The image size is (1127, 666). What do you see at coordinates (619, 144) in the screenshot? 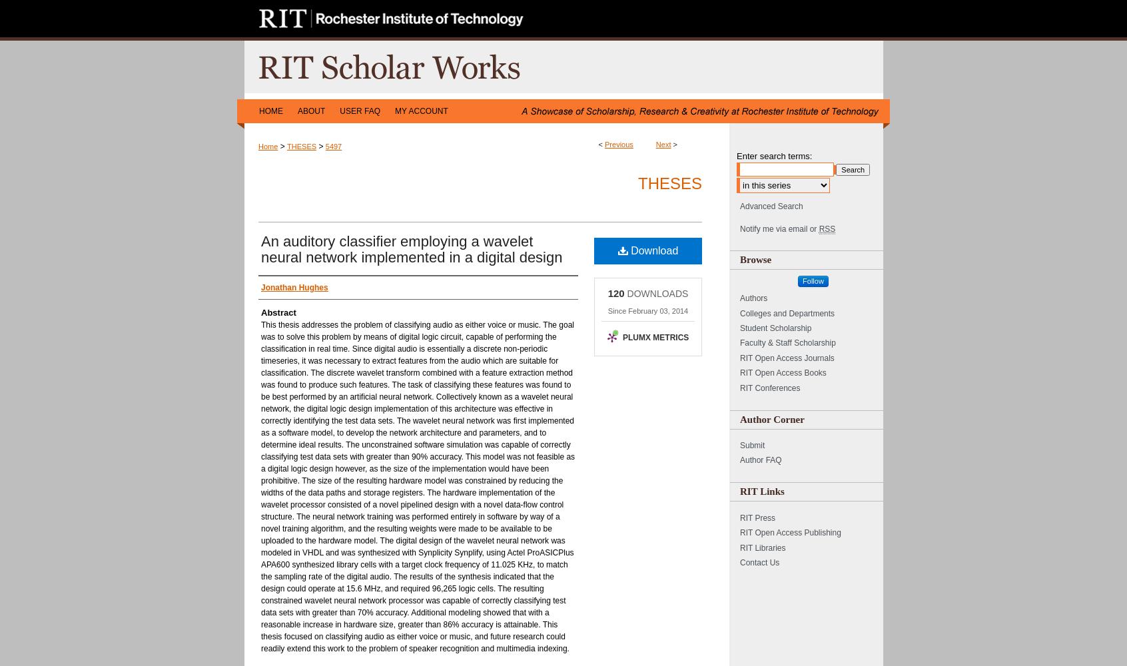
I see `'Previous'` at bounding box center [619, 144].